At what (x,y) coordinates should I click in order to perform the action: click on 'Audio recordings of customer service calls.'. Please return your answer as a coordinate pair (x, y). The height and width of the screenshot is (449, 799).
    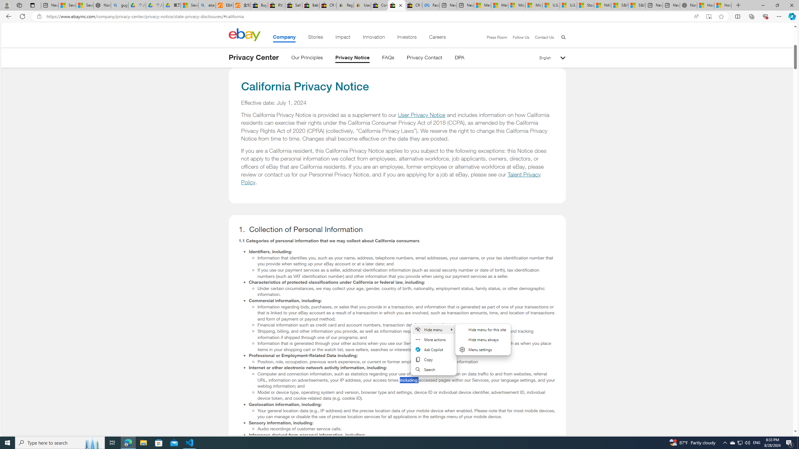
    Looking at the image, I should click on (407, 428).